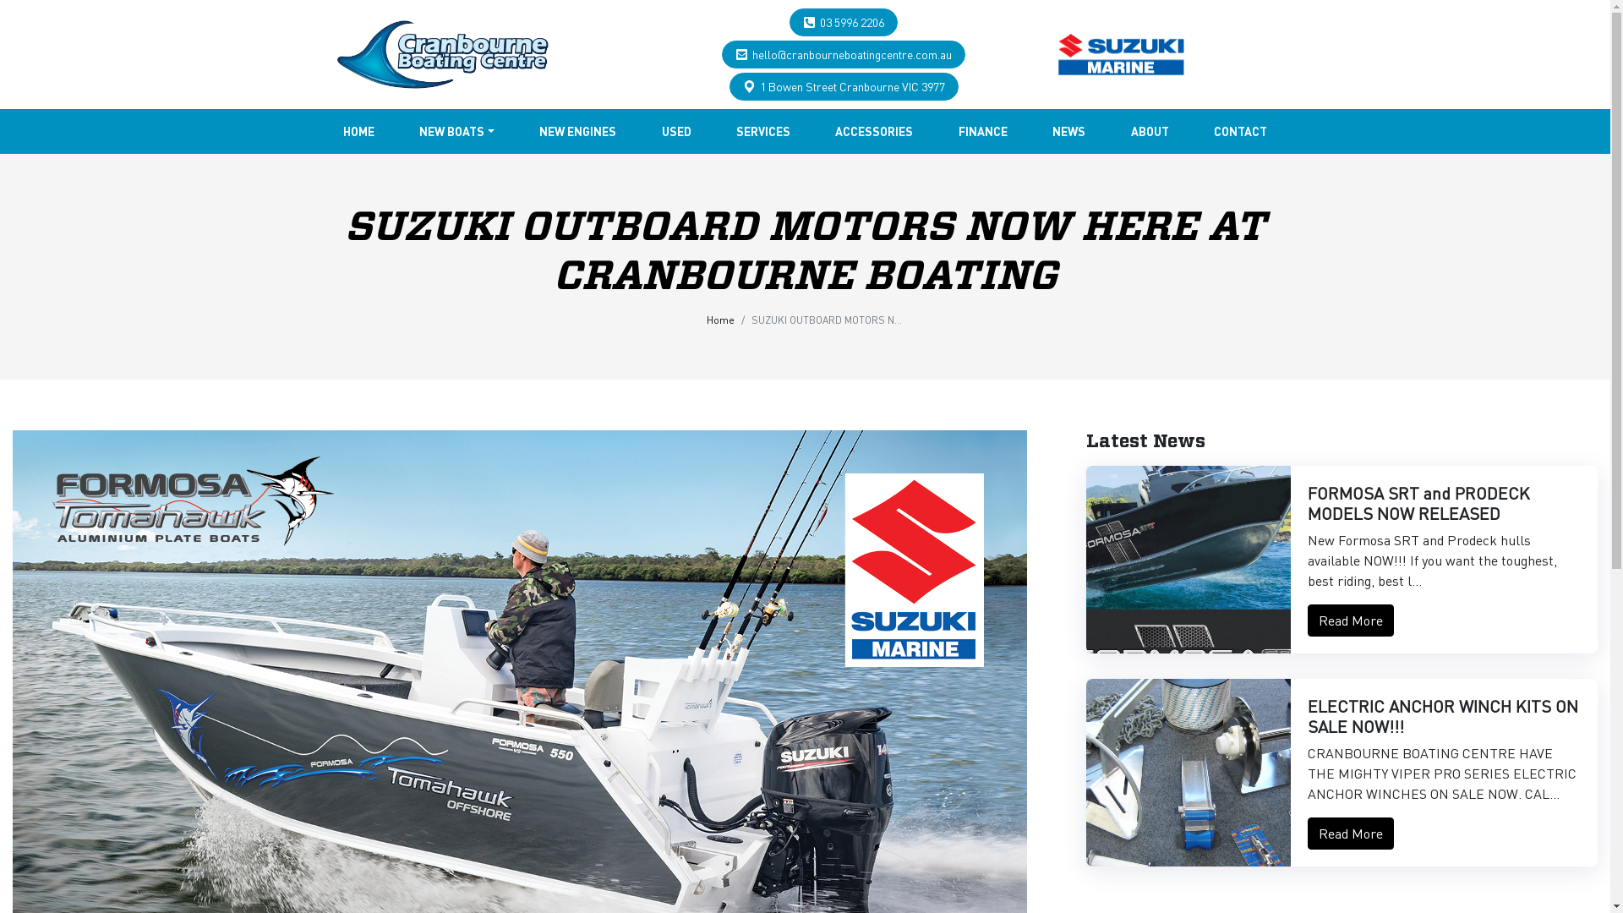 Image resolution: width=1623 pixels, height=913 pixels. I want to click on 'CONTACT', so click(1206, 130).